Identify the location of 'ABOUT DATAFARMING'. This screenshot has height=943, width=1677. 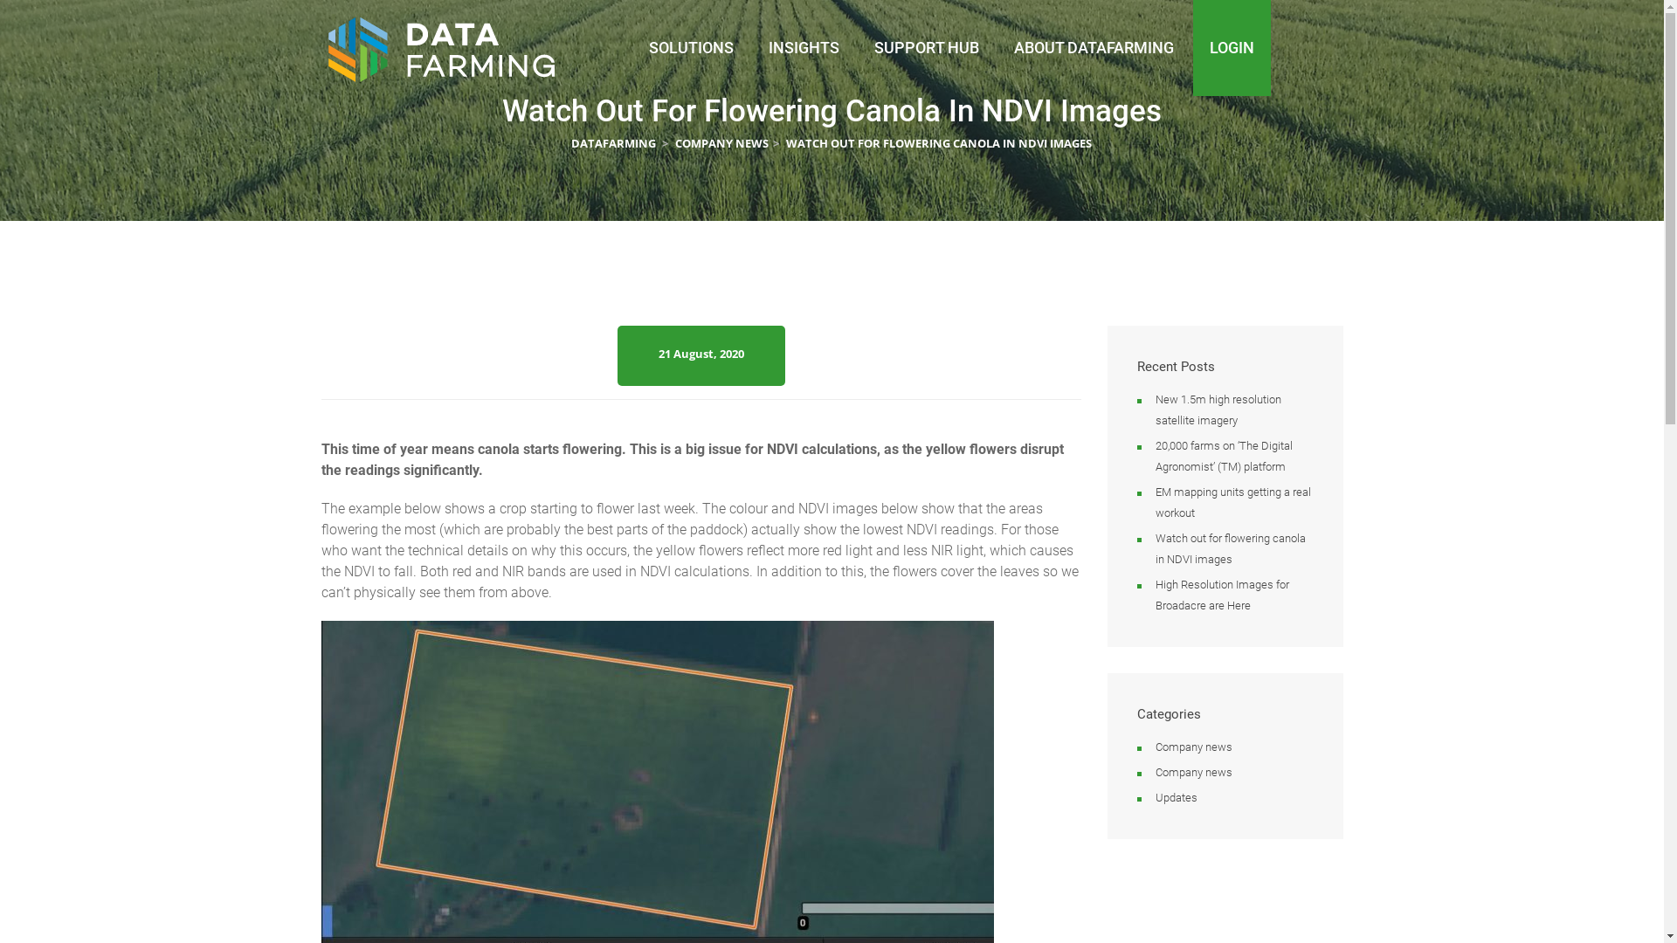
(1092, 46).